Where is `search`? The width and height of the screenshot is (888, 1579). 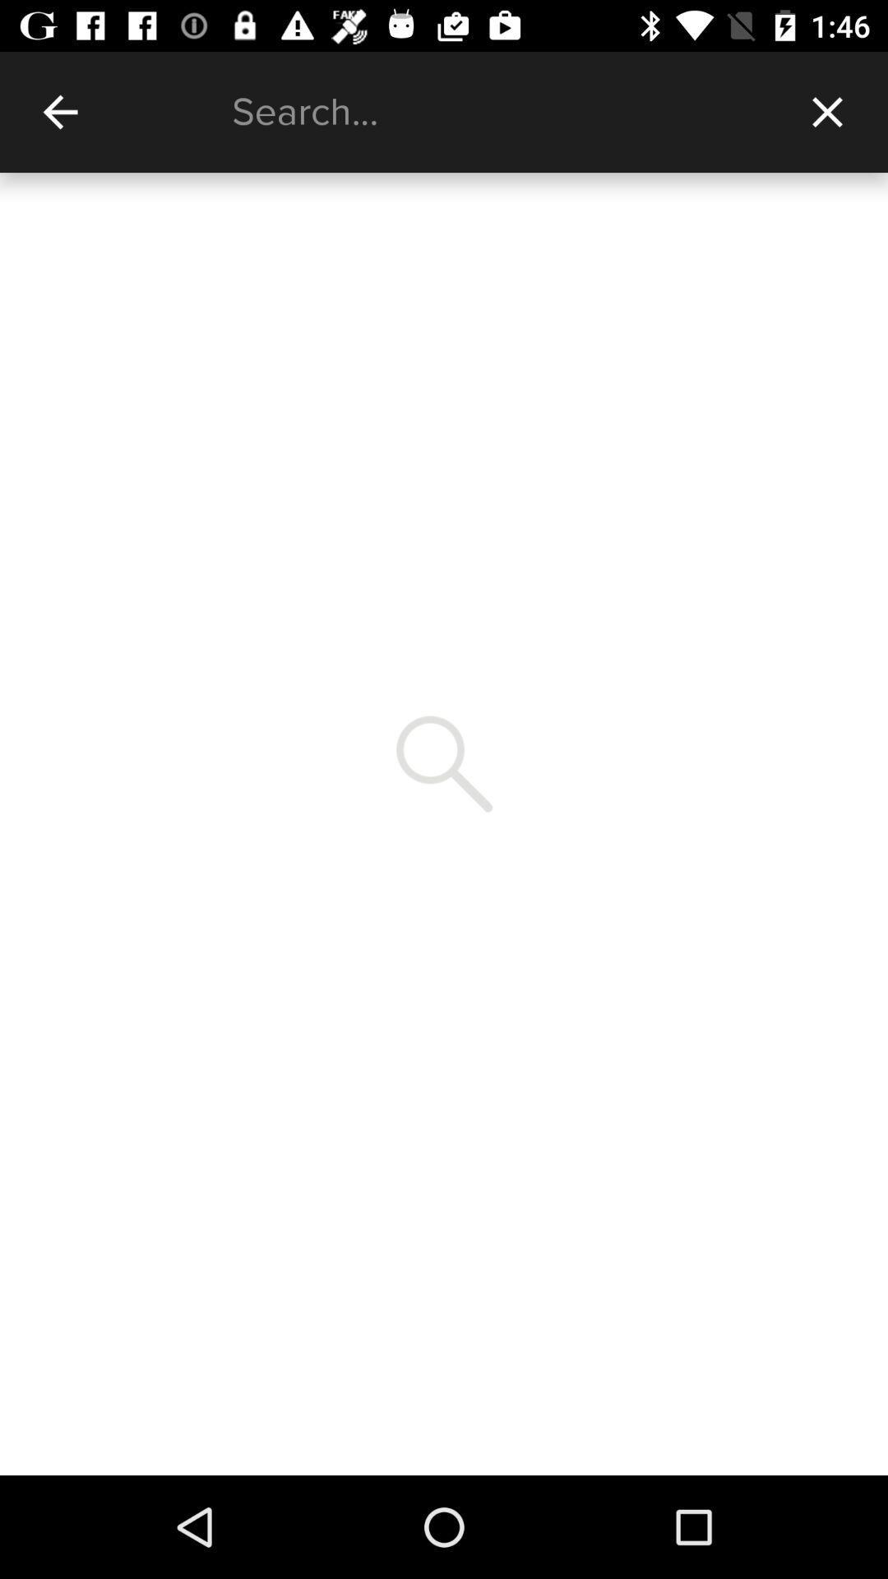 search is located at coordinates (498, 111).